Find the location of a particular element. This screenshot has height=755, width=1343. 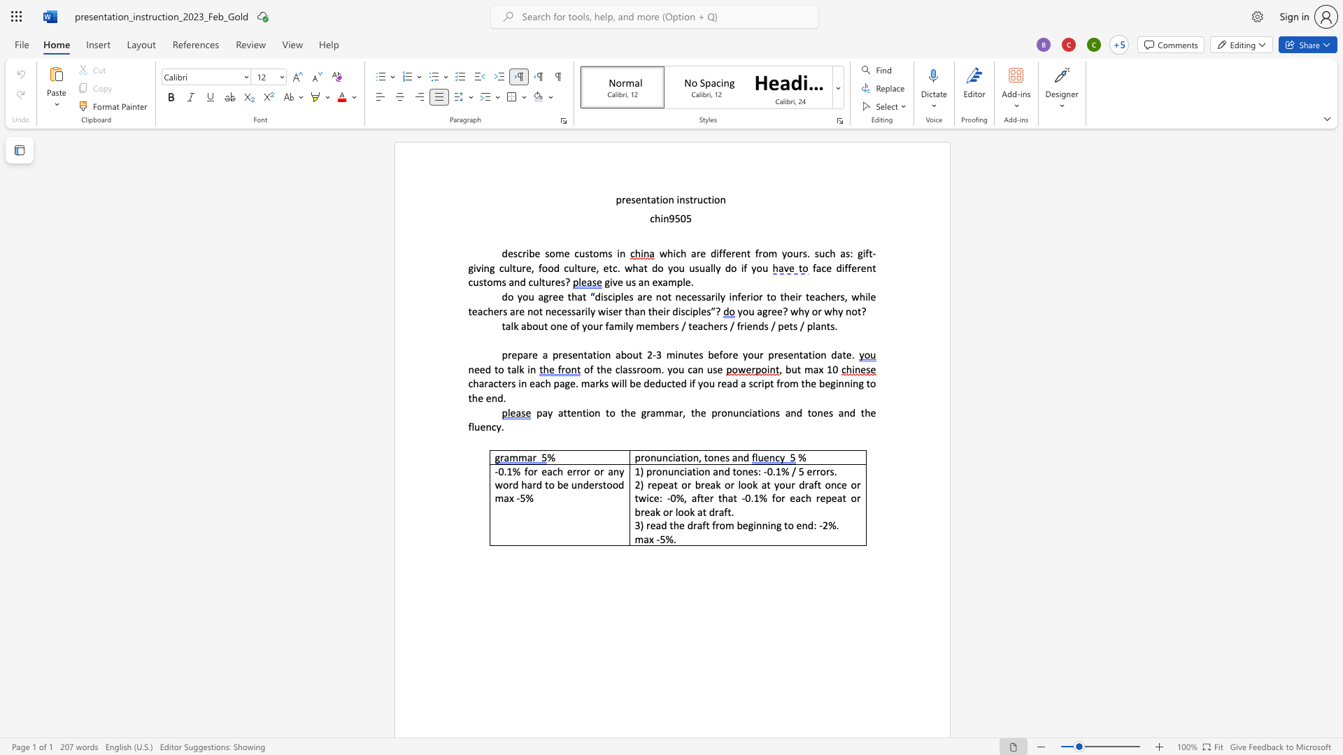

the space between the continuous character "h" and "e" in the text is located at coordinates (606, 368).